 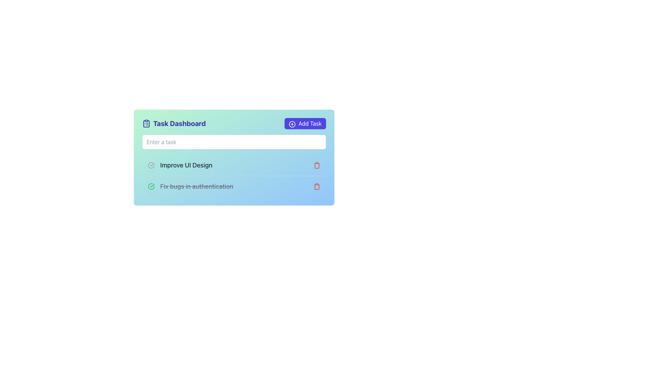 I want to click on the completed task text label, so click(x=189, y=186).